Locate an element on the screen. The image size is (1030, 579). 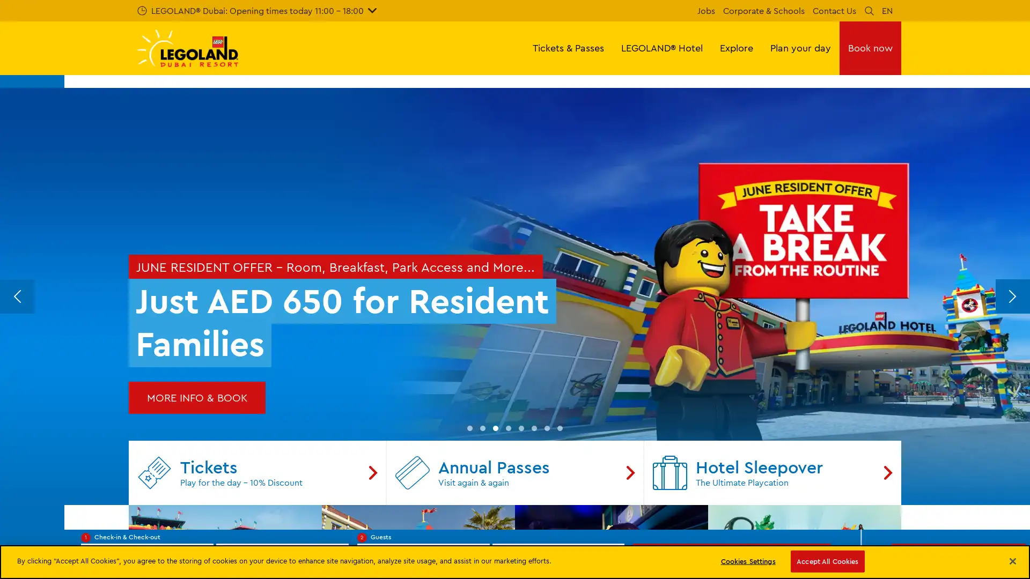
LEGOLAND Hotel is located at coordinates (661, 47).